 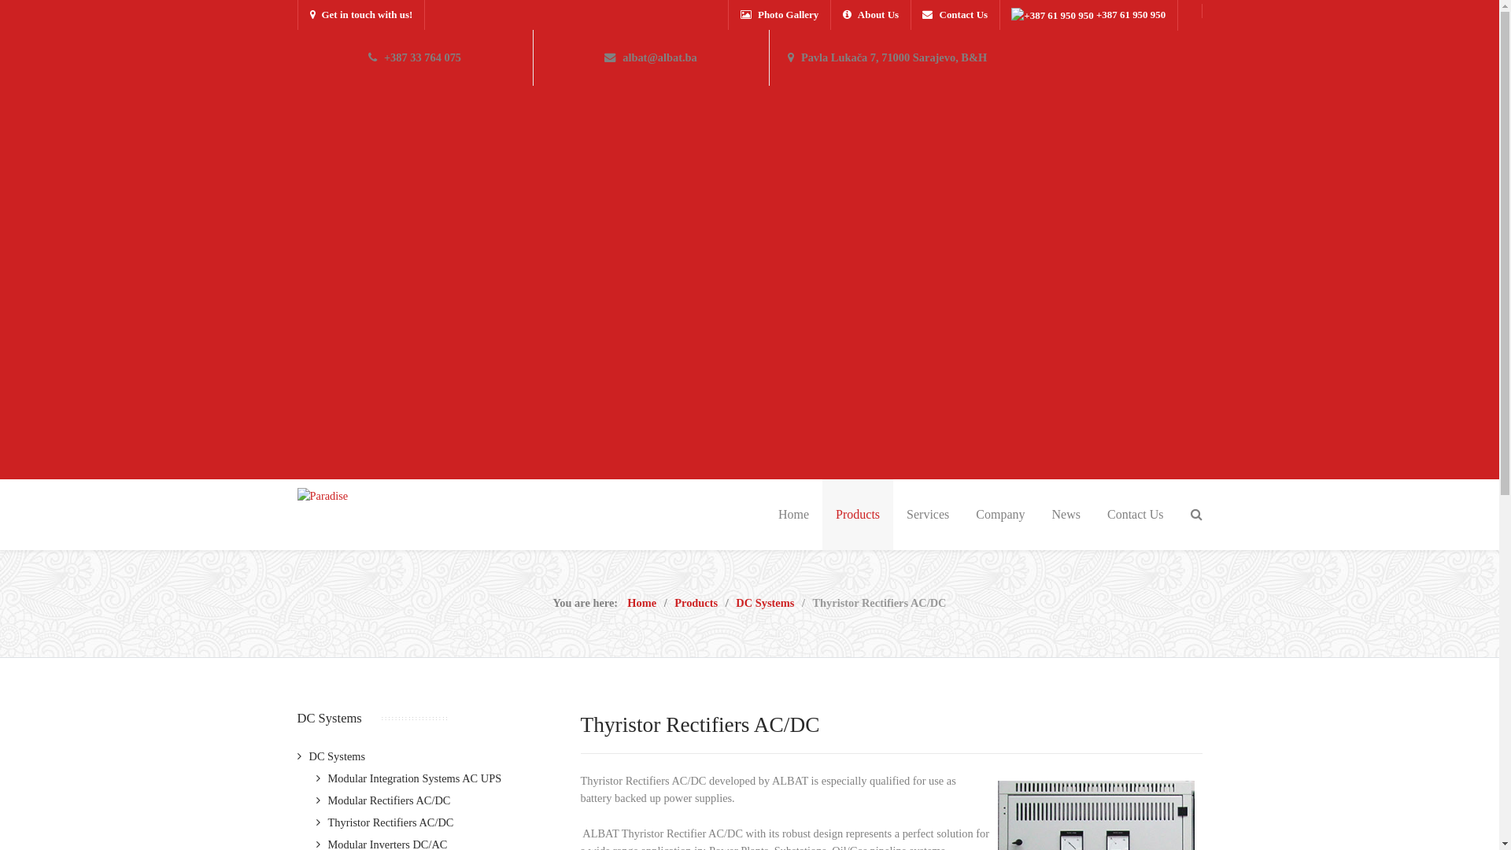 What do you see at coordinates (1087, 15) in the screenshot?
I see `'+387 61 950 950'` at bounding box center [1087, 15].